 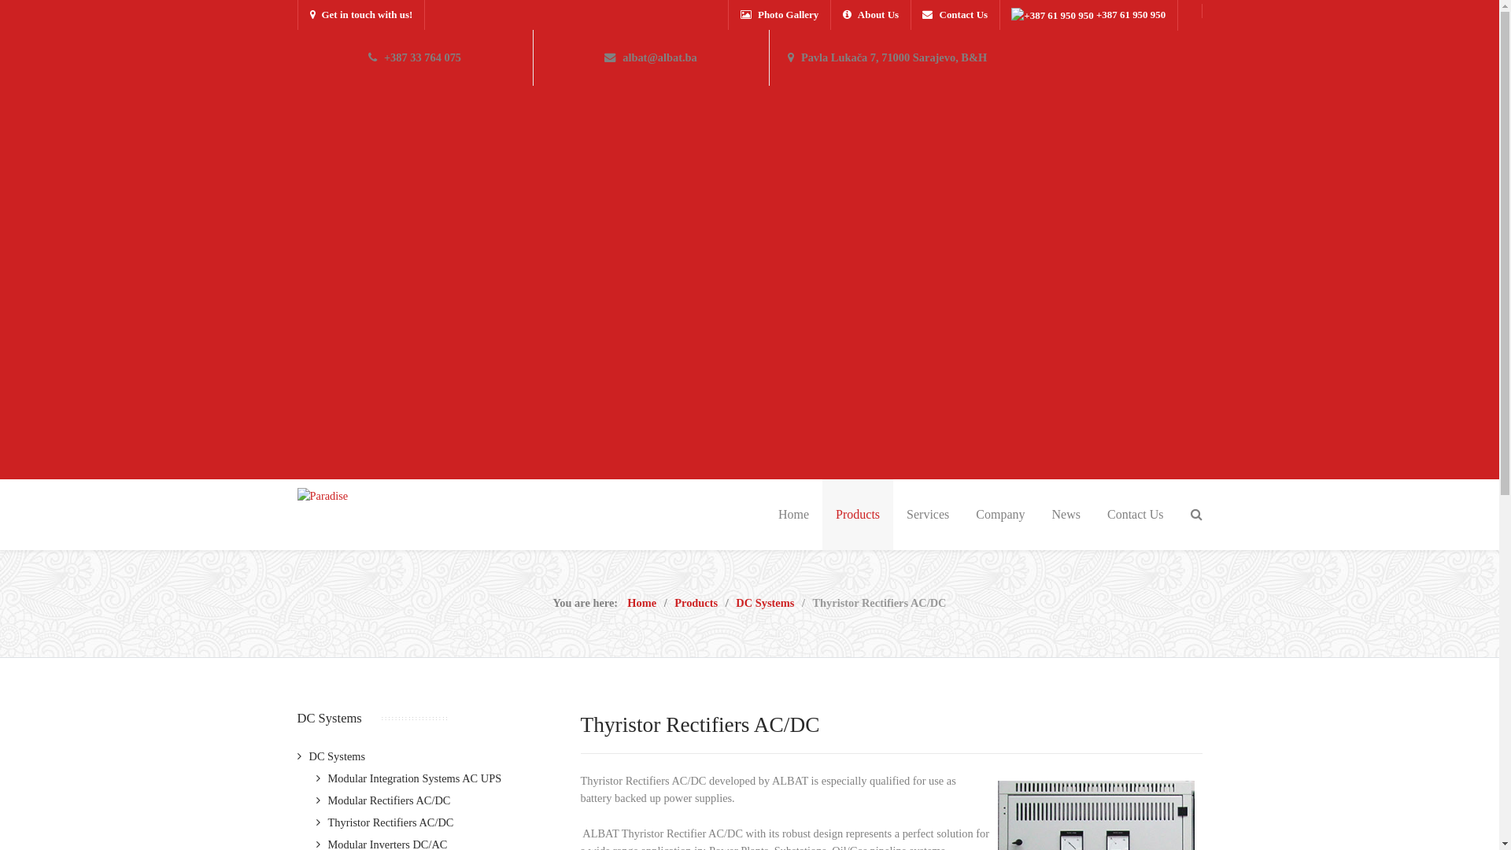 What do you see at coordinates (1087, 15) in the screenshot?
I see `'+387 61 950 950'` at bounding box center [1087, 15].